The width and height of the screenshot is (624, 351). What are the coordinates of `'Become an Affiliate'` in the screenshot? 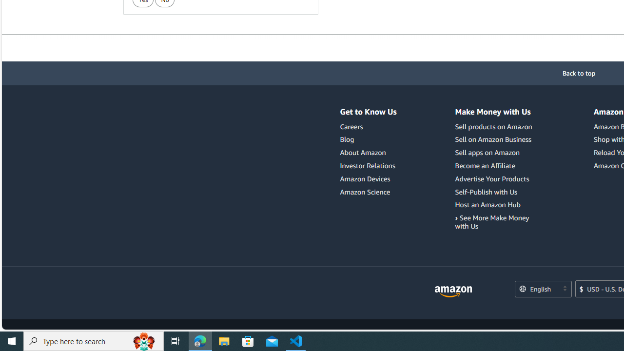 It's located at (495, 165).